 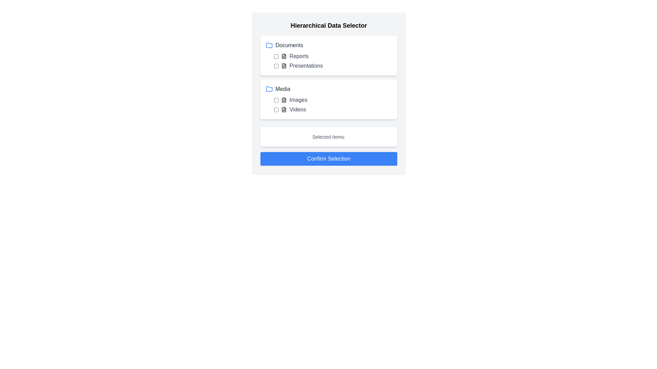 What do you see at coordinates (269, 45) in the screenshot?
I see `the blue folder icon located to the left of the 'Documents' text label at the top of the interface` at bounding box center [269, 45].